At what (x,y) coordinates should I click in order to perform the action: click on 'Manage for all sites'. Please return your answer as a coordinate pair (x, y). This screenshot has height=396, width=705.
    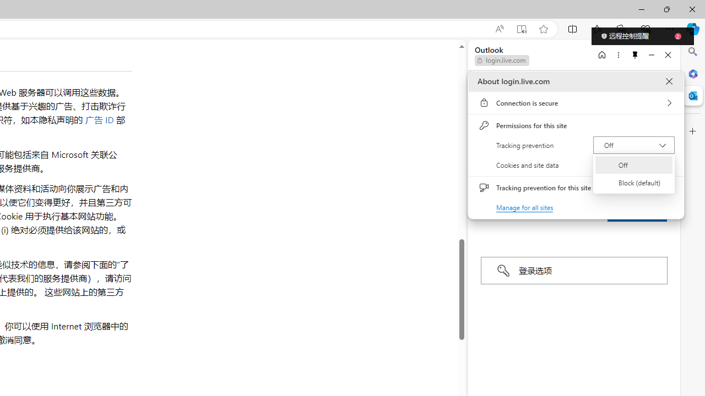
    Looking at the image, I should click on (524, 207).